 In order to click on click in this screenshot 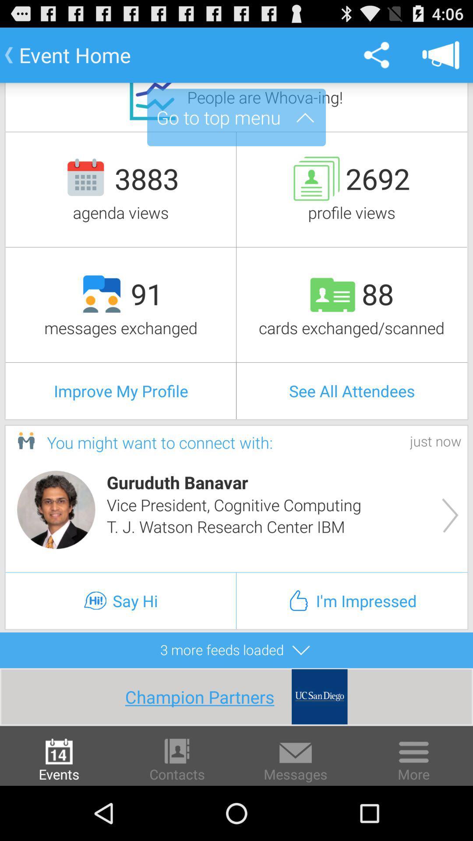, I will do `click(56, 509)`.